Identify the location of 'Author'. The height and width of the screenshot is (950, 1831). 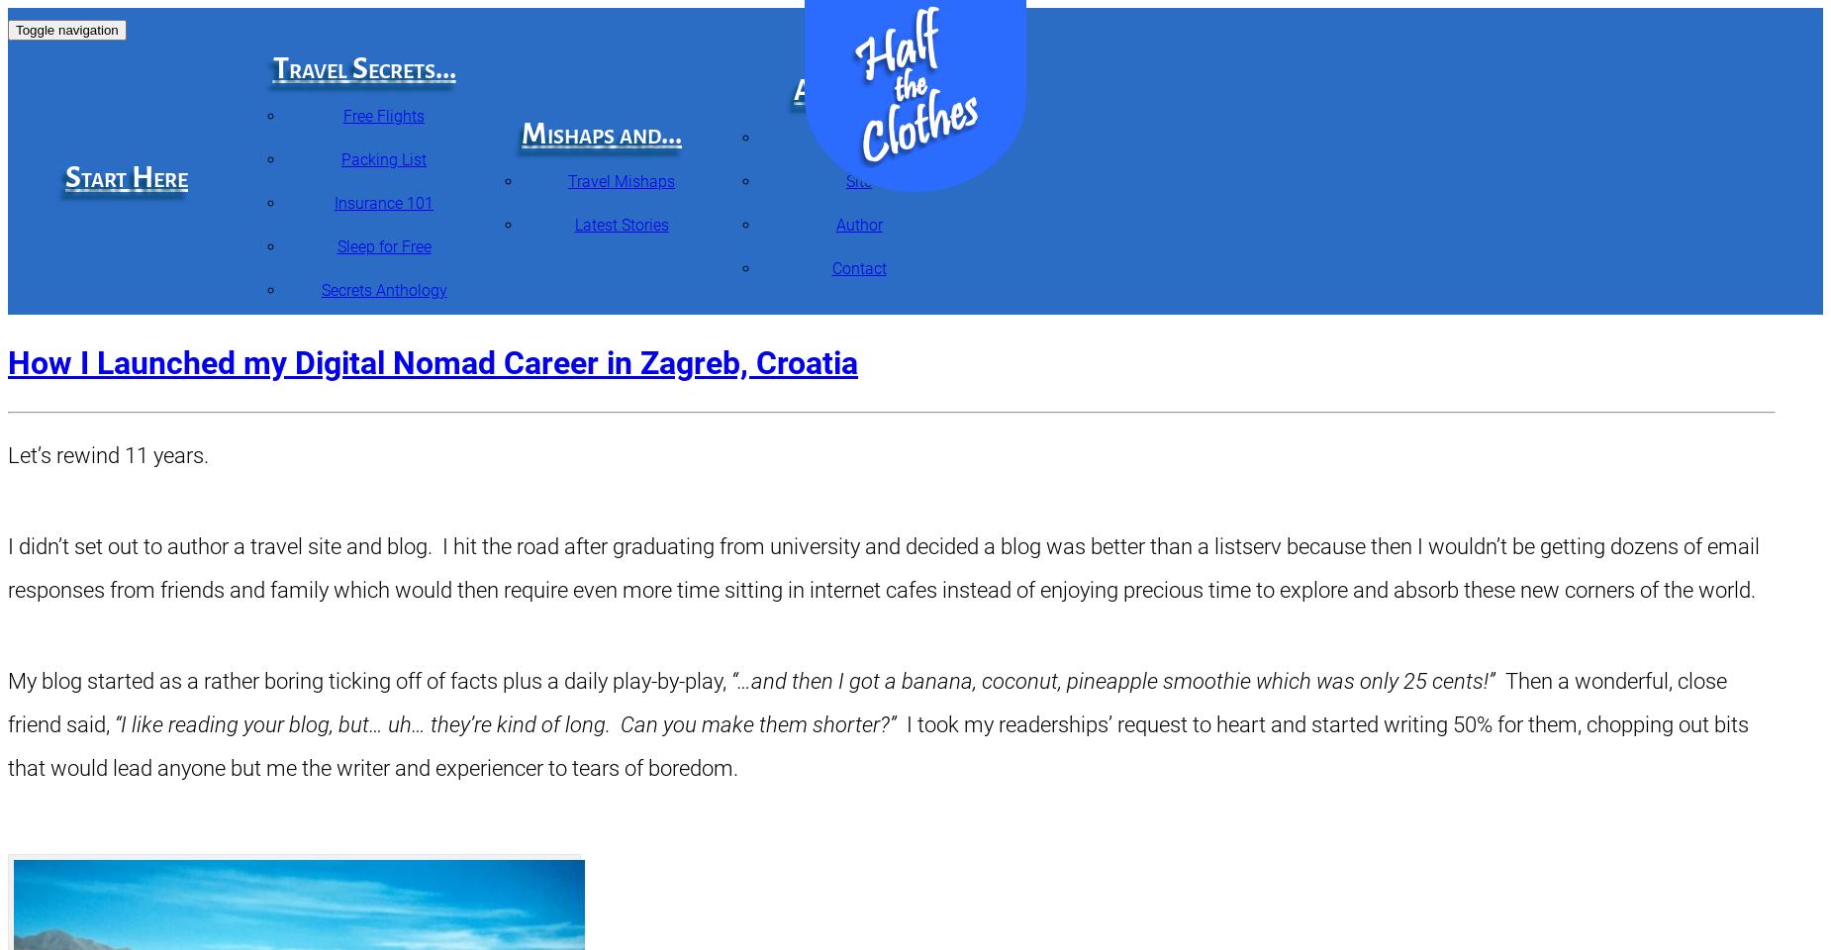
(858, 225).